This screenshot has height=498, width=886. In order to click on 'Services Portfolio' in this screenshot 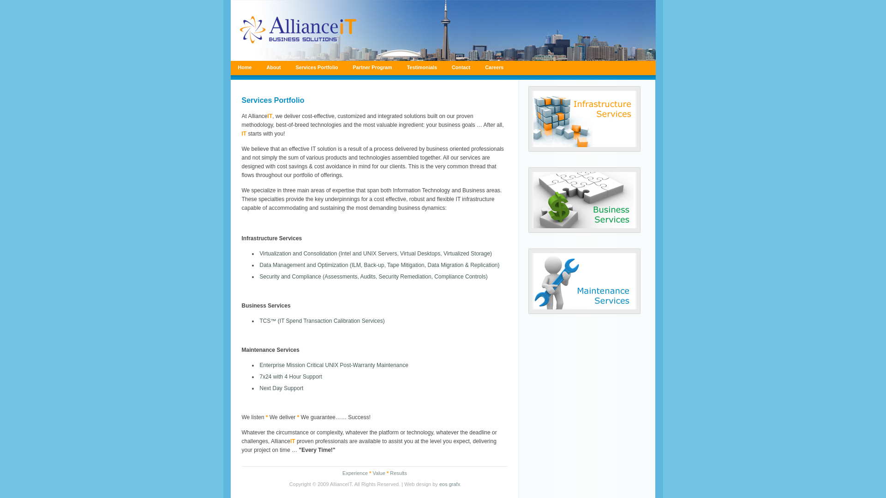, I will do `click(317, 67)`.